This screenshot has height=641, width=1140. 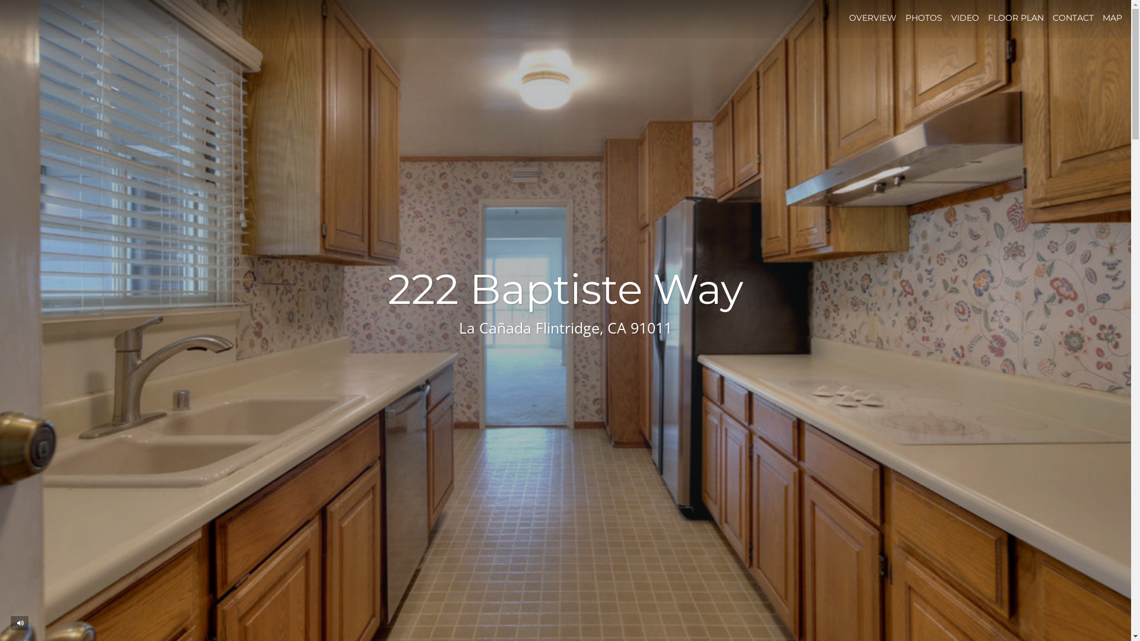 I want to click on 'FLOOR PLAN', so click(x=988, y=18).